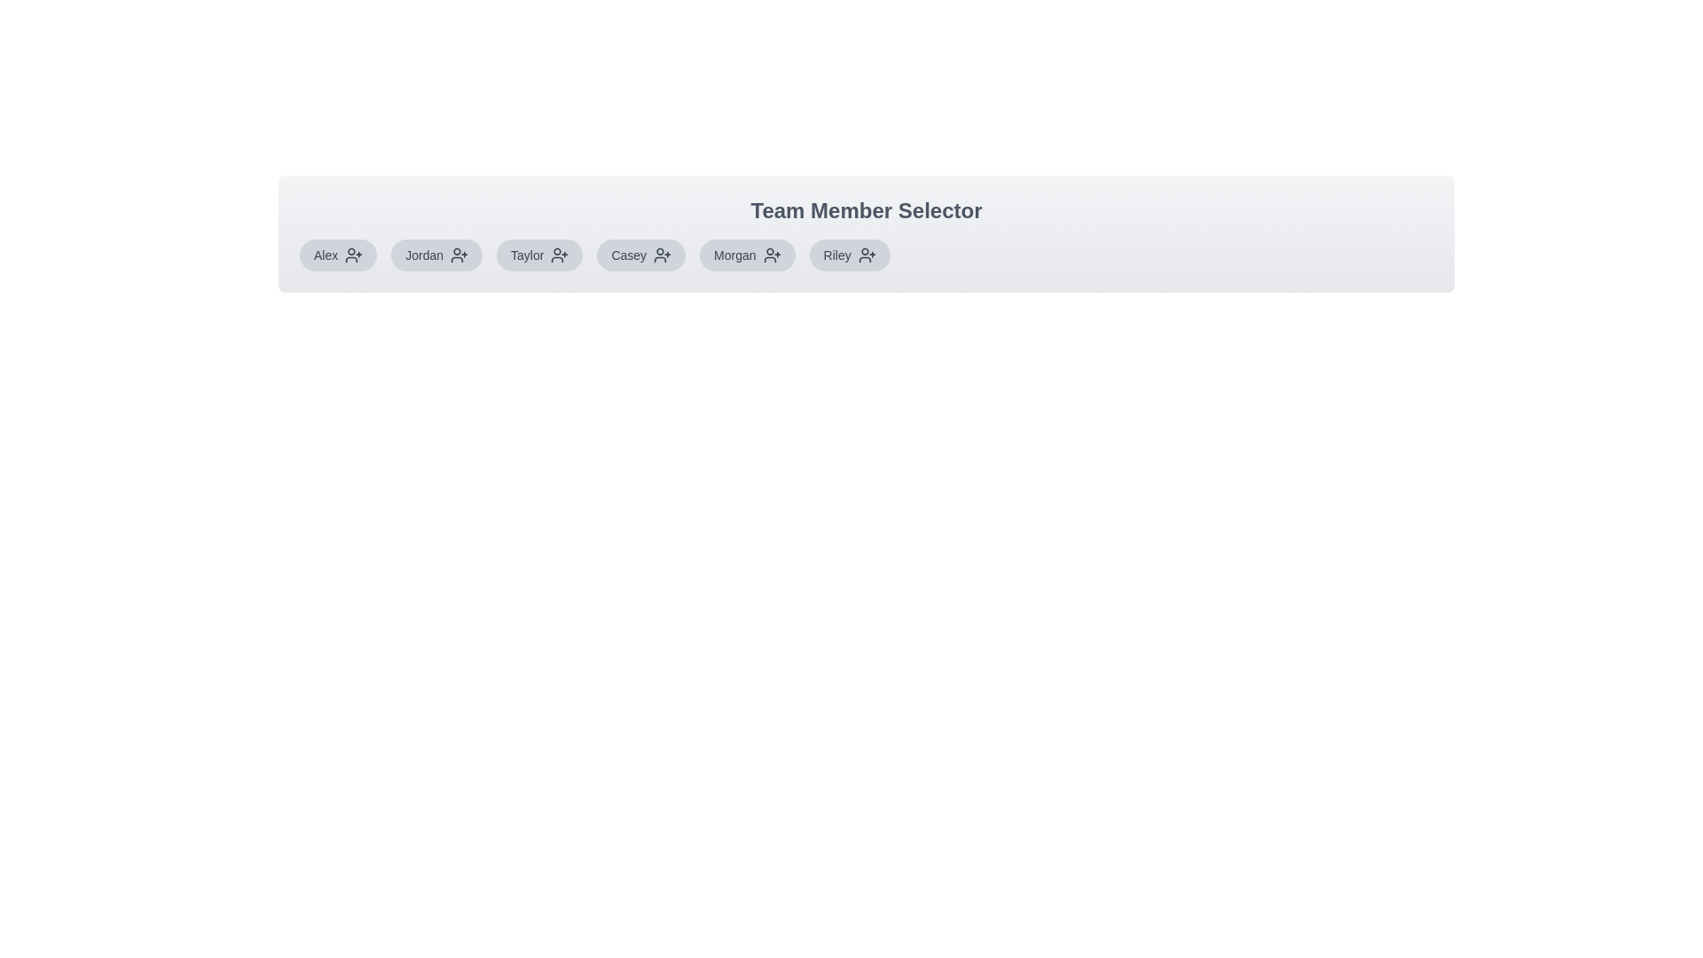 The height and width of the screenshot is (958, 1703). I want to click on the team member Riley, so click(849, 255).